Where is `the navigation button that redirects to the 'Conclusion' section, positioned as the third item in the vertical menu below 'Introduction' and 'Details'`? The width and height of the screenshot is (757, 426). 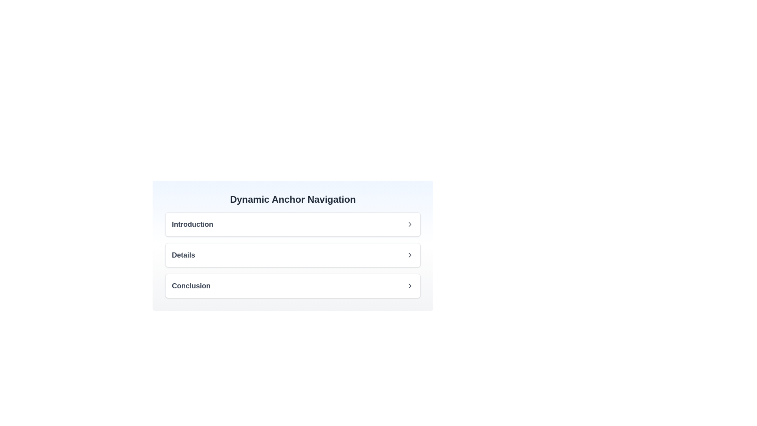
the navigation button that redirects to the 'Conclusion' section, positioned as the third item in the vertical menu below 'Introduction' and 'Details' is located at coordinates (293, 286).